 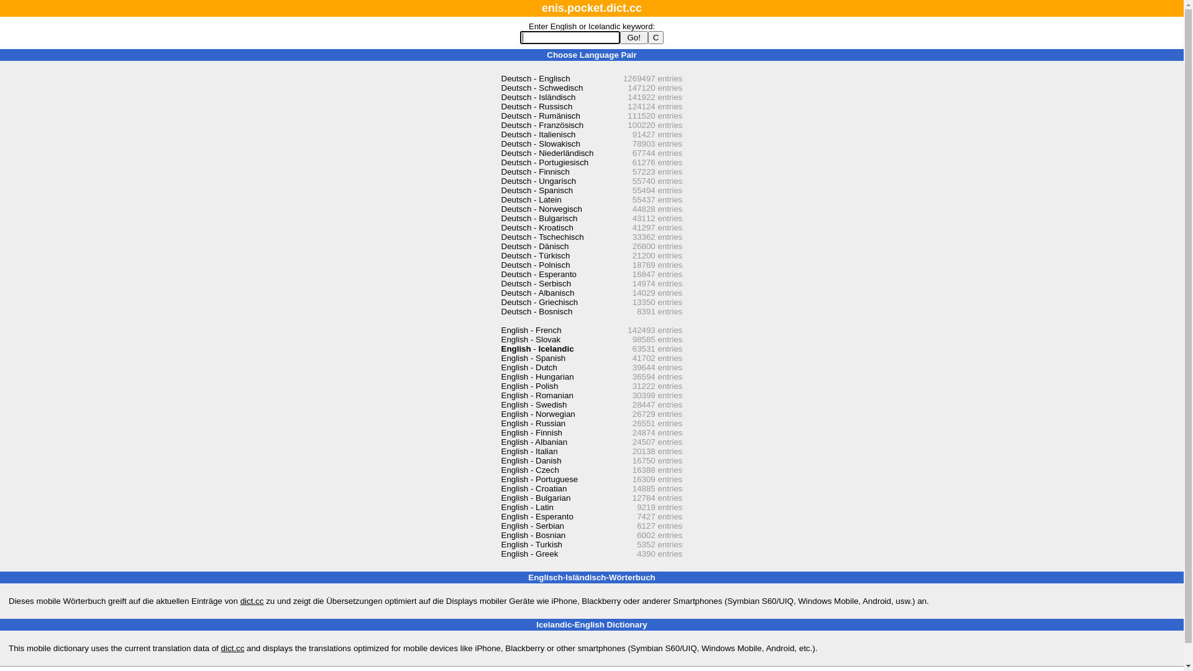 What do you see at coordinates (501, 264) in the screenshot?
I see `'Deutsch - Polnisch'` at bounding box center [501, 264].